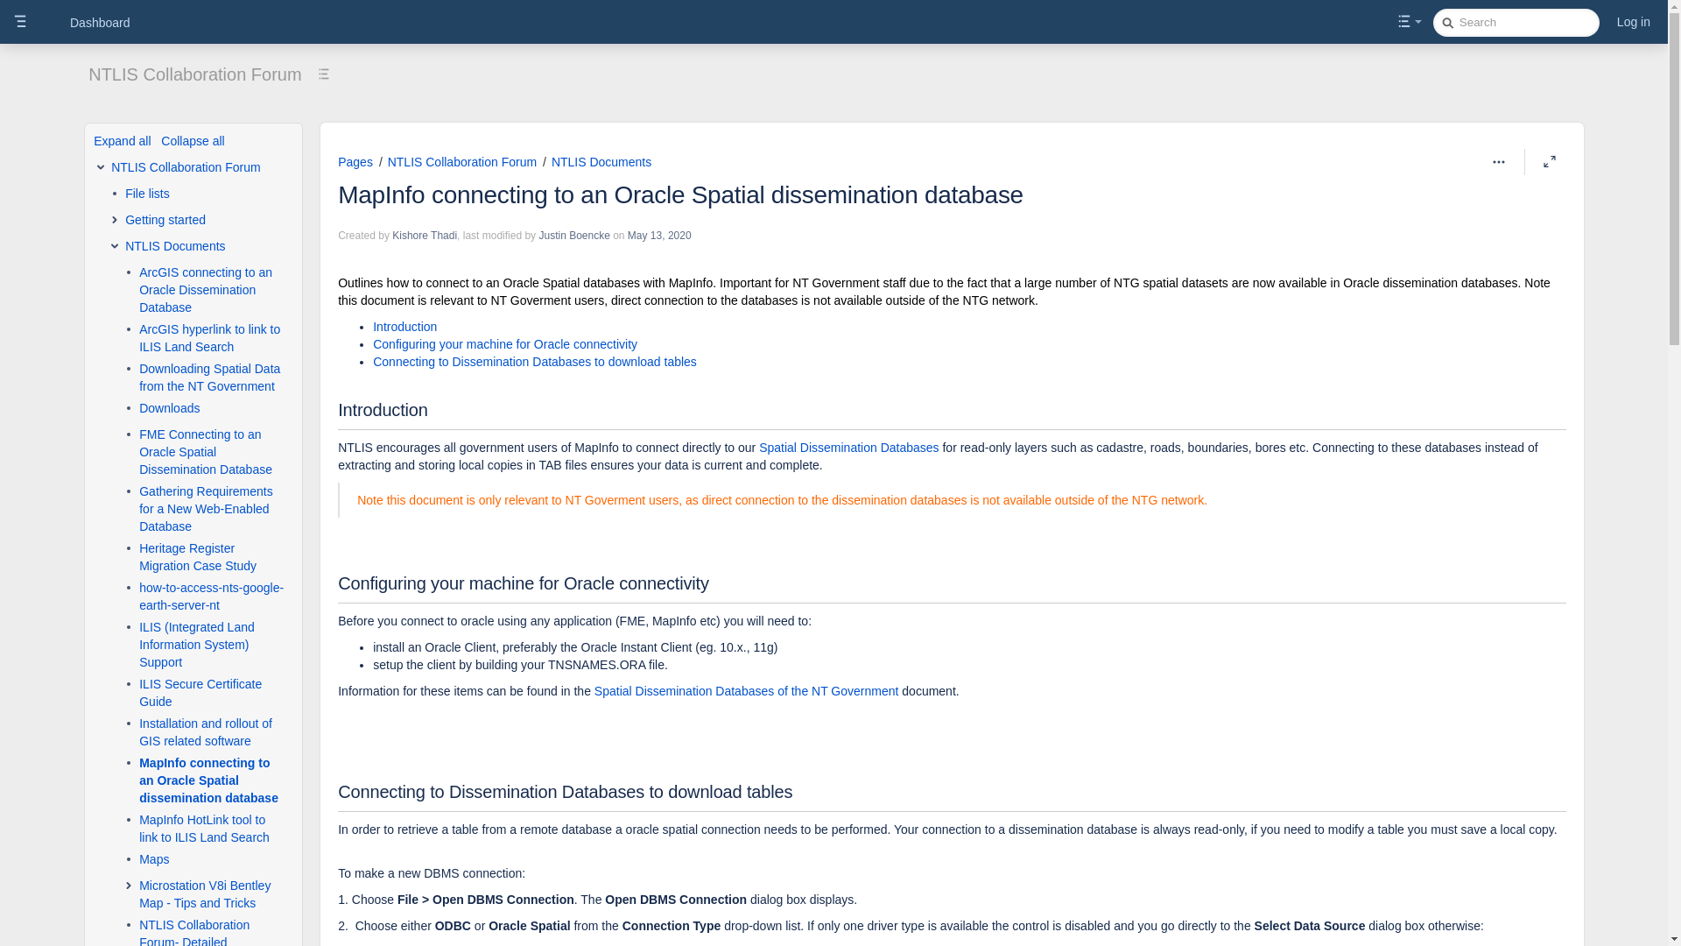  Describe the element at coordinates (175, 246) in the screenshot. I see `'NTLIS Documents'` at that location.